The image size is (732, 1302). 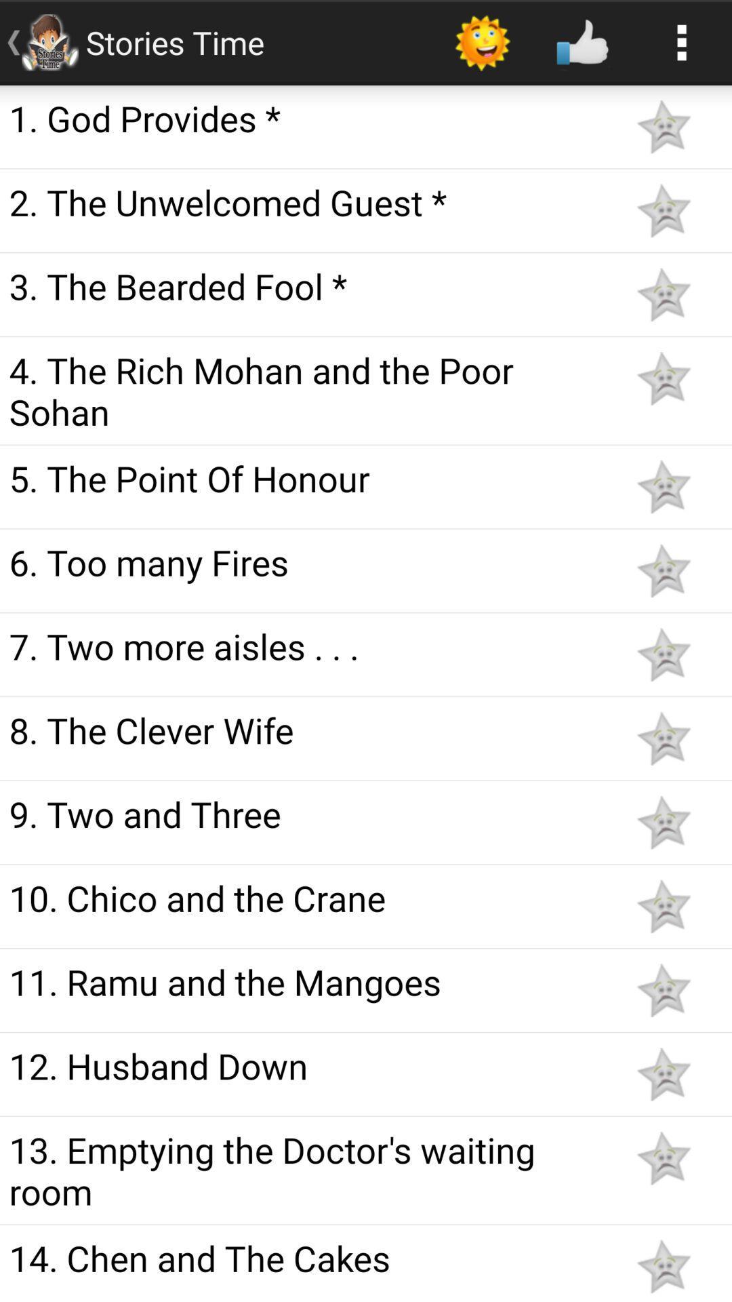 I want to click on the 6 too many icon, so click(x=306, y=562).